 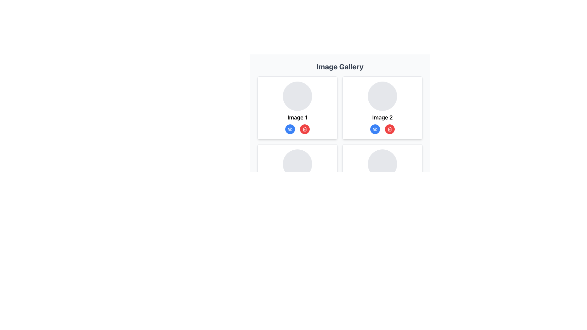 What do you see at coordinates (305, 129) in the screenshot?
I see `the circular red button with a white trash icon, which is located to the right of a blue circular button in the button group below 'Image 1'` at bounding box center [305, 129].